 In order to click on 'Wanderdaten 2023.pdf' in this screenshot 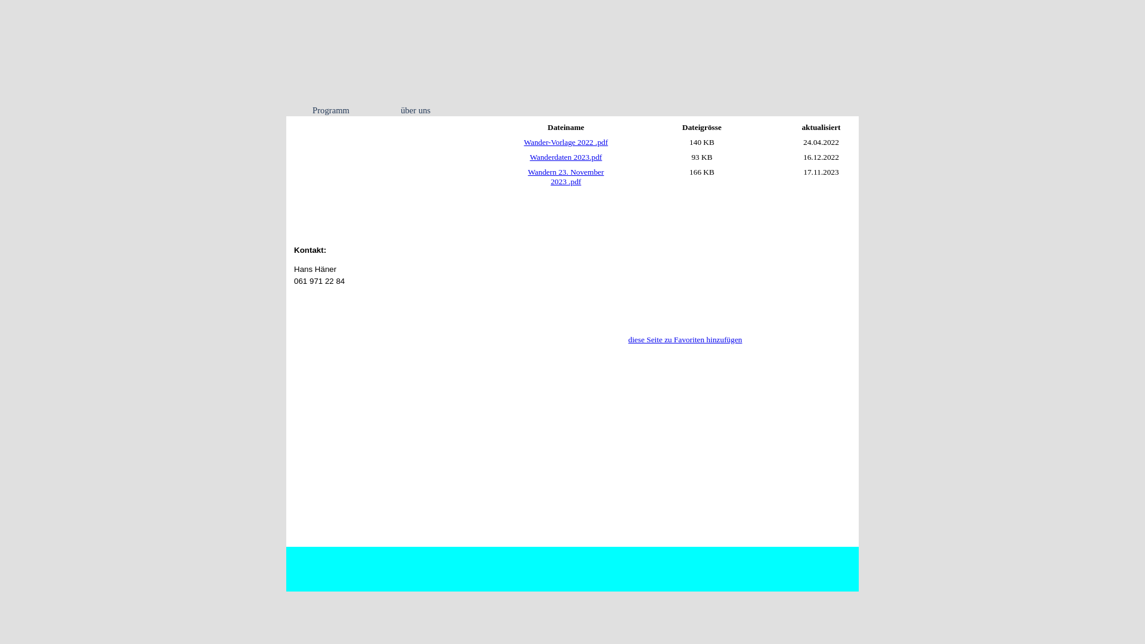, I will do `click(565, 156)`.